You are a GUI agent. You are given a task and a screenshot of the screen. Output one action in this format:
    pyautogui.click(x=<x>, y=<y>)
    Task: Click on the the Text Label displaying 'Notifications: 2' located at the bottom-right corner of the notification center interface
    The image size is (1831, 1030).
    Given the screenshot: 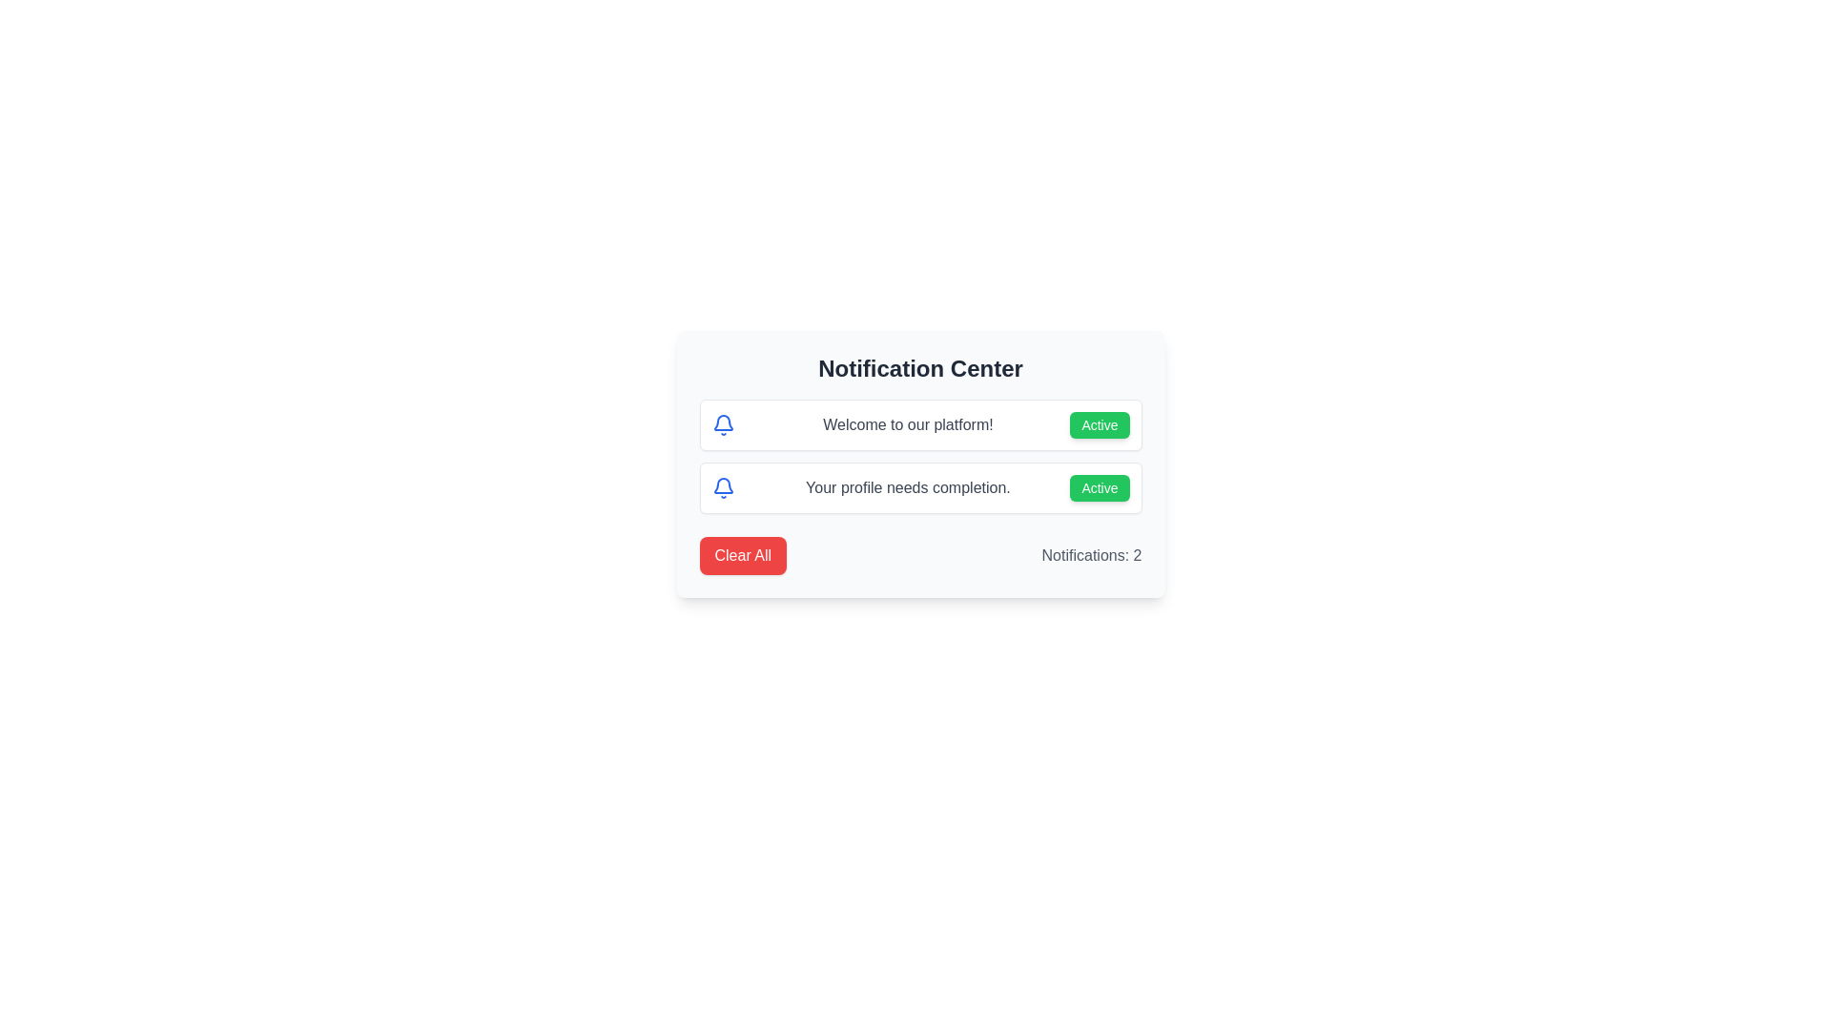 What is the action you would take?
    pyautogui.click(x=1092, y=555)
    